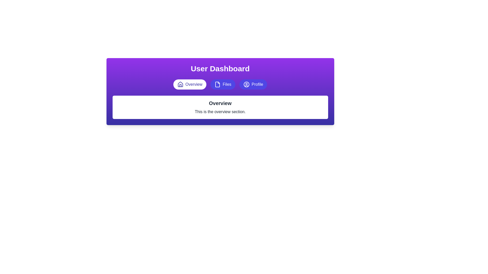 The height and width of the screenshot is (274, 488). What do you see at coordinates (220, 107) in the screenshot?
I see `information displayed in the central text display element that provides an overview of the current section of the application` at bounding box center [220, 107].